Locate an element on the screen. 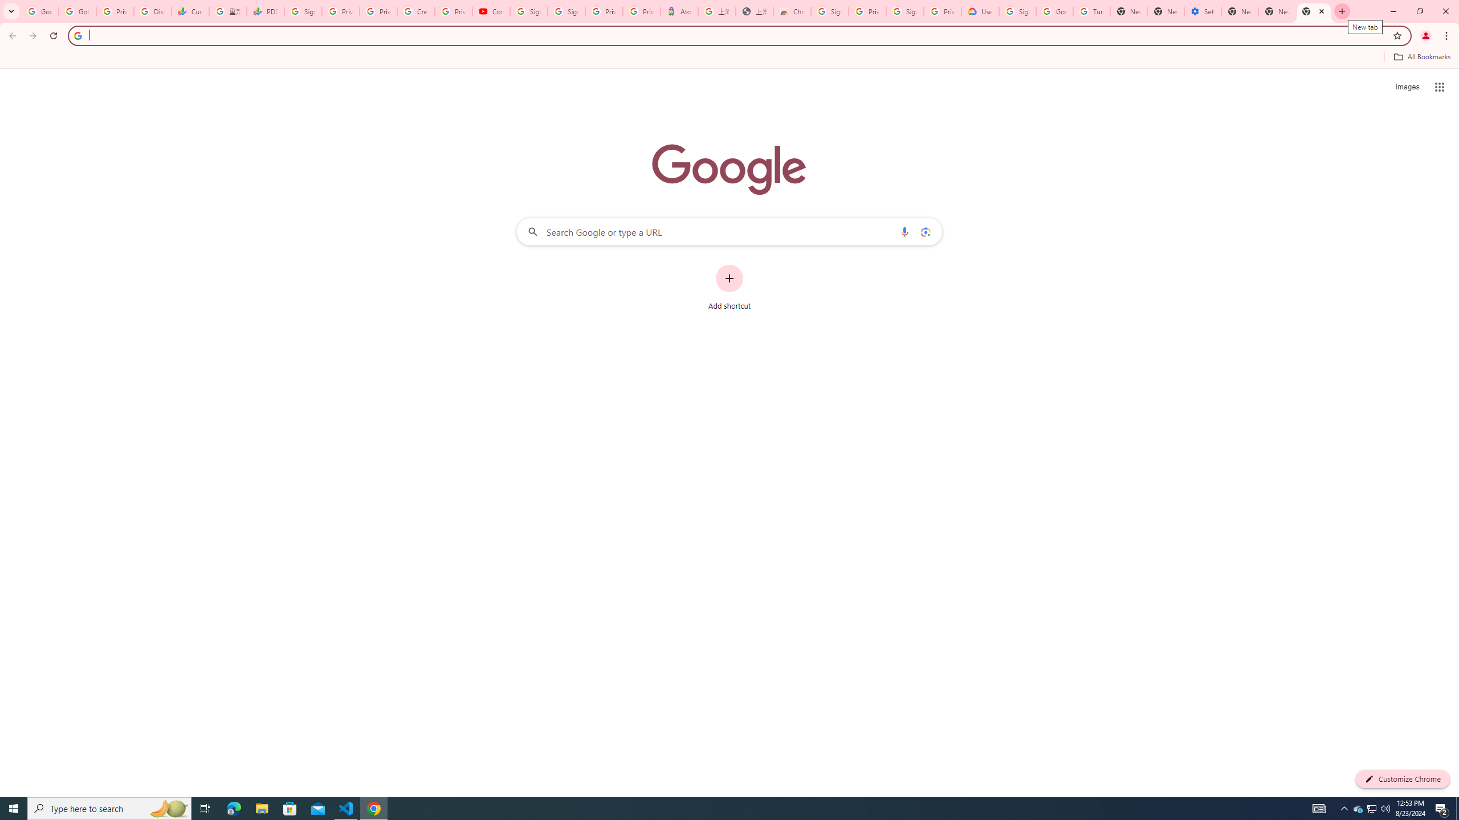  'Sign in - Google Accounts' is located at coordinates (567, 11).